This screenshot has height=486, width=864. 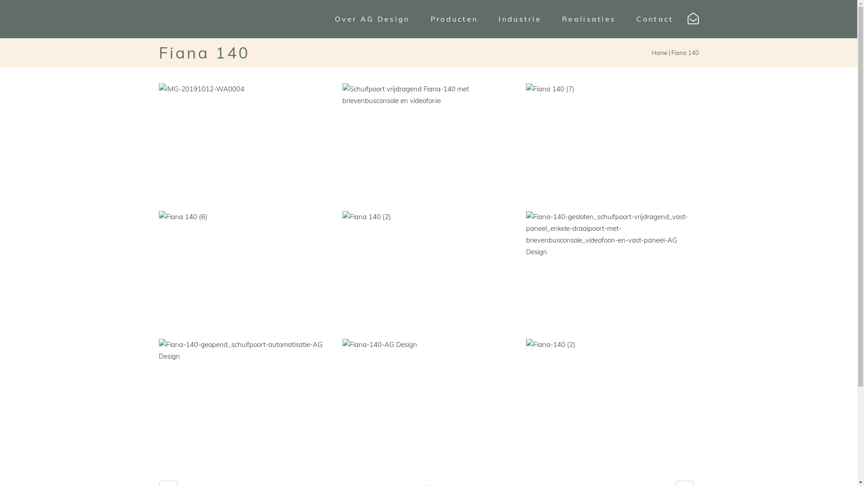 I want to click on 'Realisaties', so click(x=589, y=19).